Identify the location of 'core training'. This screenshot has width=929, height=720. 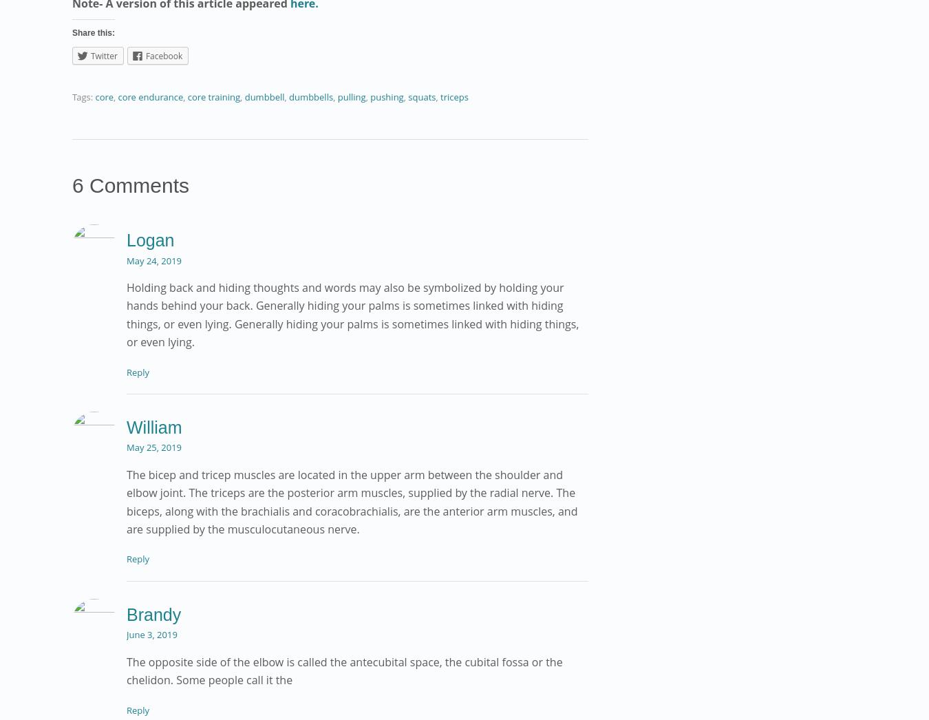
(213, 95).